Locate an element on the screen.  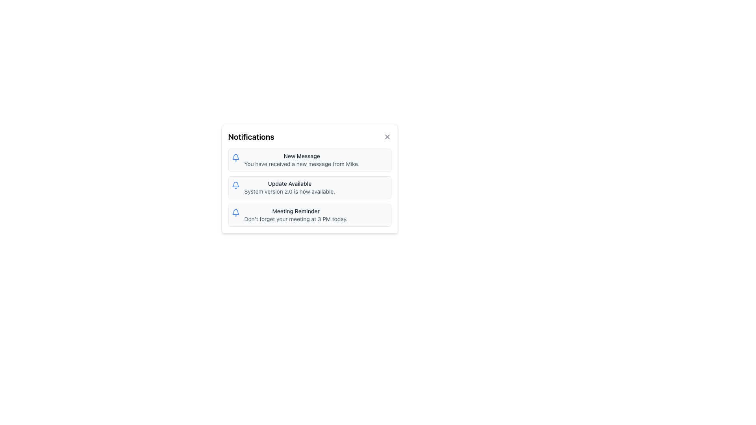
the text label displaying 'System version 2.0 is now available.' which is located under the heading 'Update Available.' is located at coordinates (289, 191).